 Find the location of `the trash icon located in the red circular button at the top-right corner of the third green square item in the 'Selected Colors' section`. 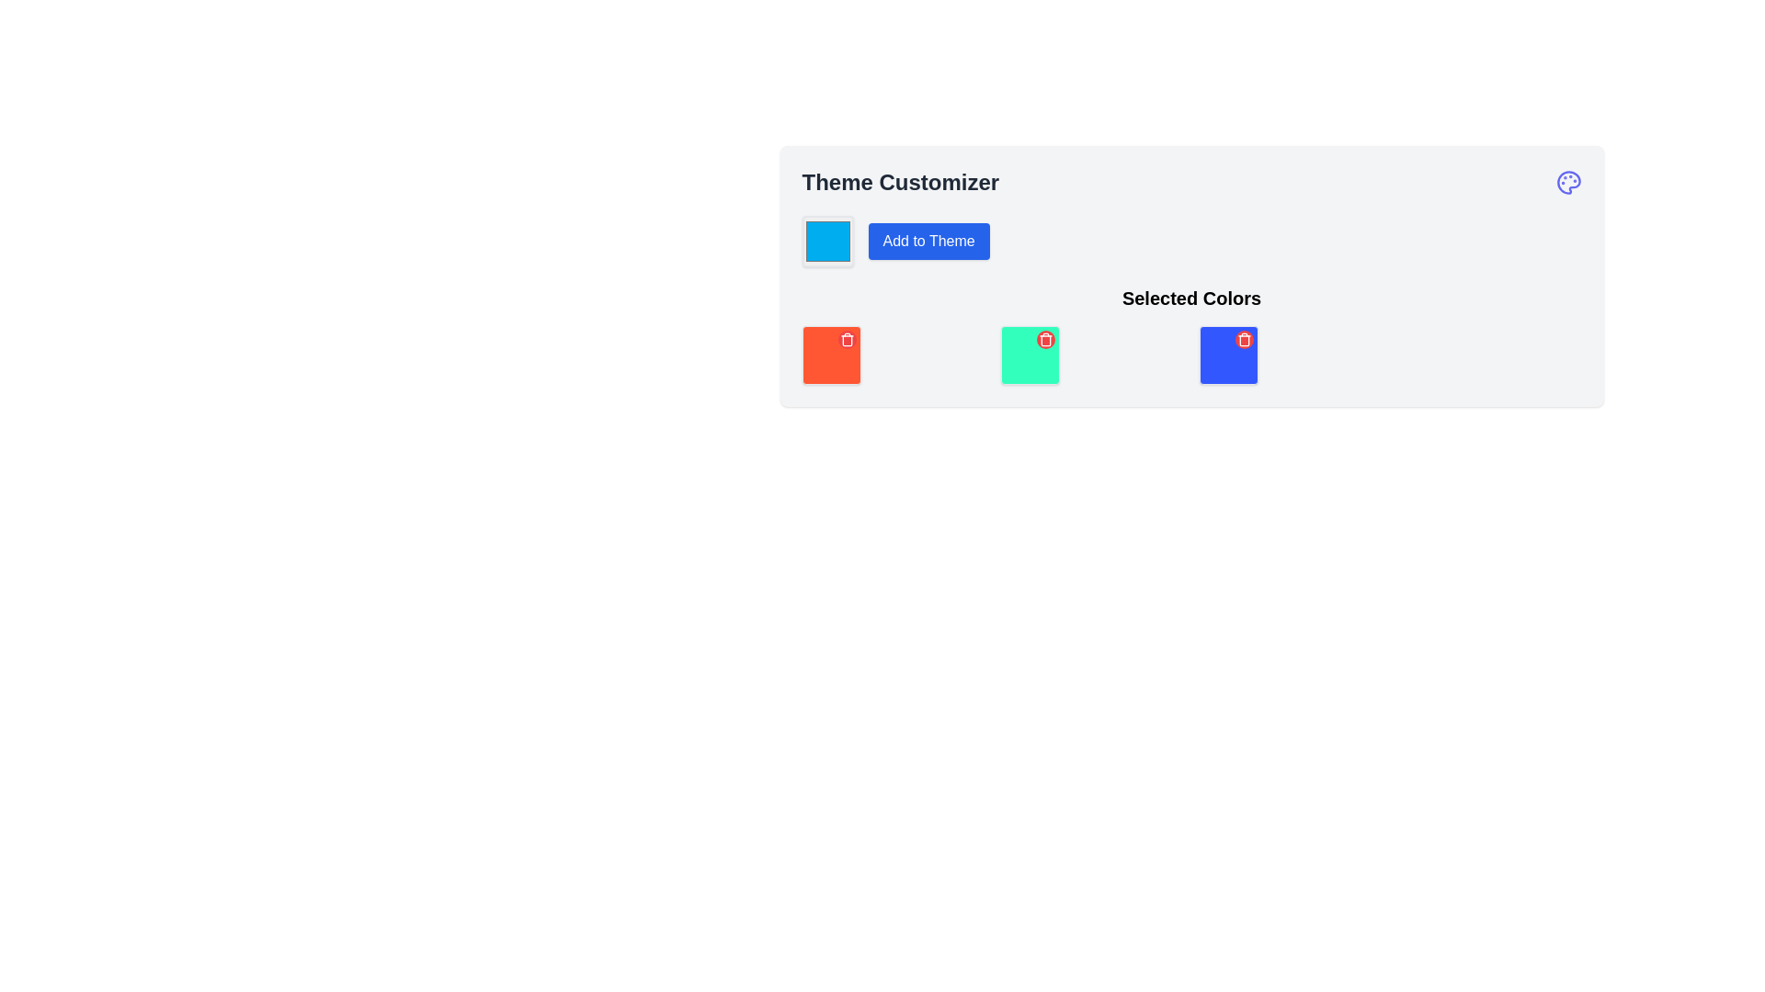

the trash icon located in the red circular button at the top-right corner of the third green square item in the 'Selected Colors' section is located at coordinates (1045, 340).